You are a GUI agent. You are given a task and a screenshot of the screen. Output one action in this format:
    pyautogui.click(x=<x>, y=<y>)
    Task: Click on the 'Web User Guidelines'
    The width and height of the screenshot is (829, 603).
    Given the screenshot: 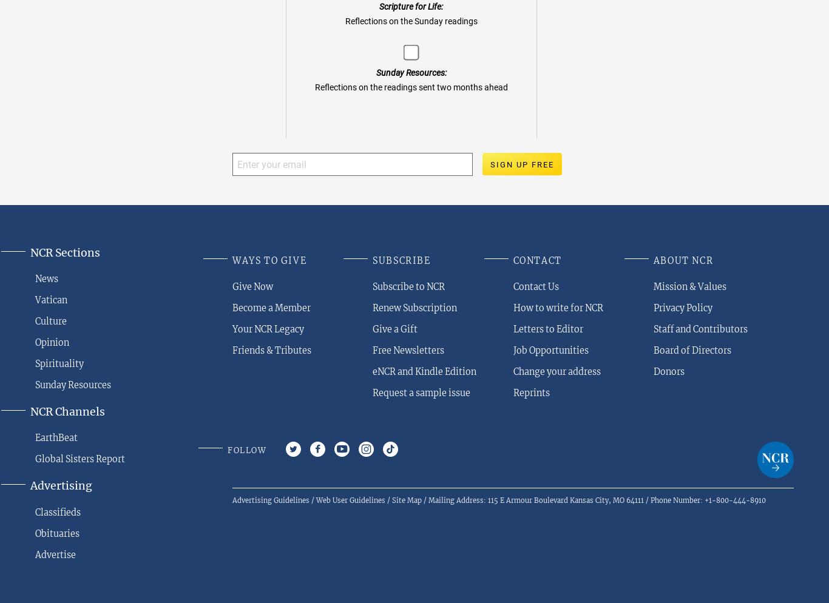 What is the action you would take?
    pyautogui.click(x=316, y=499)
    